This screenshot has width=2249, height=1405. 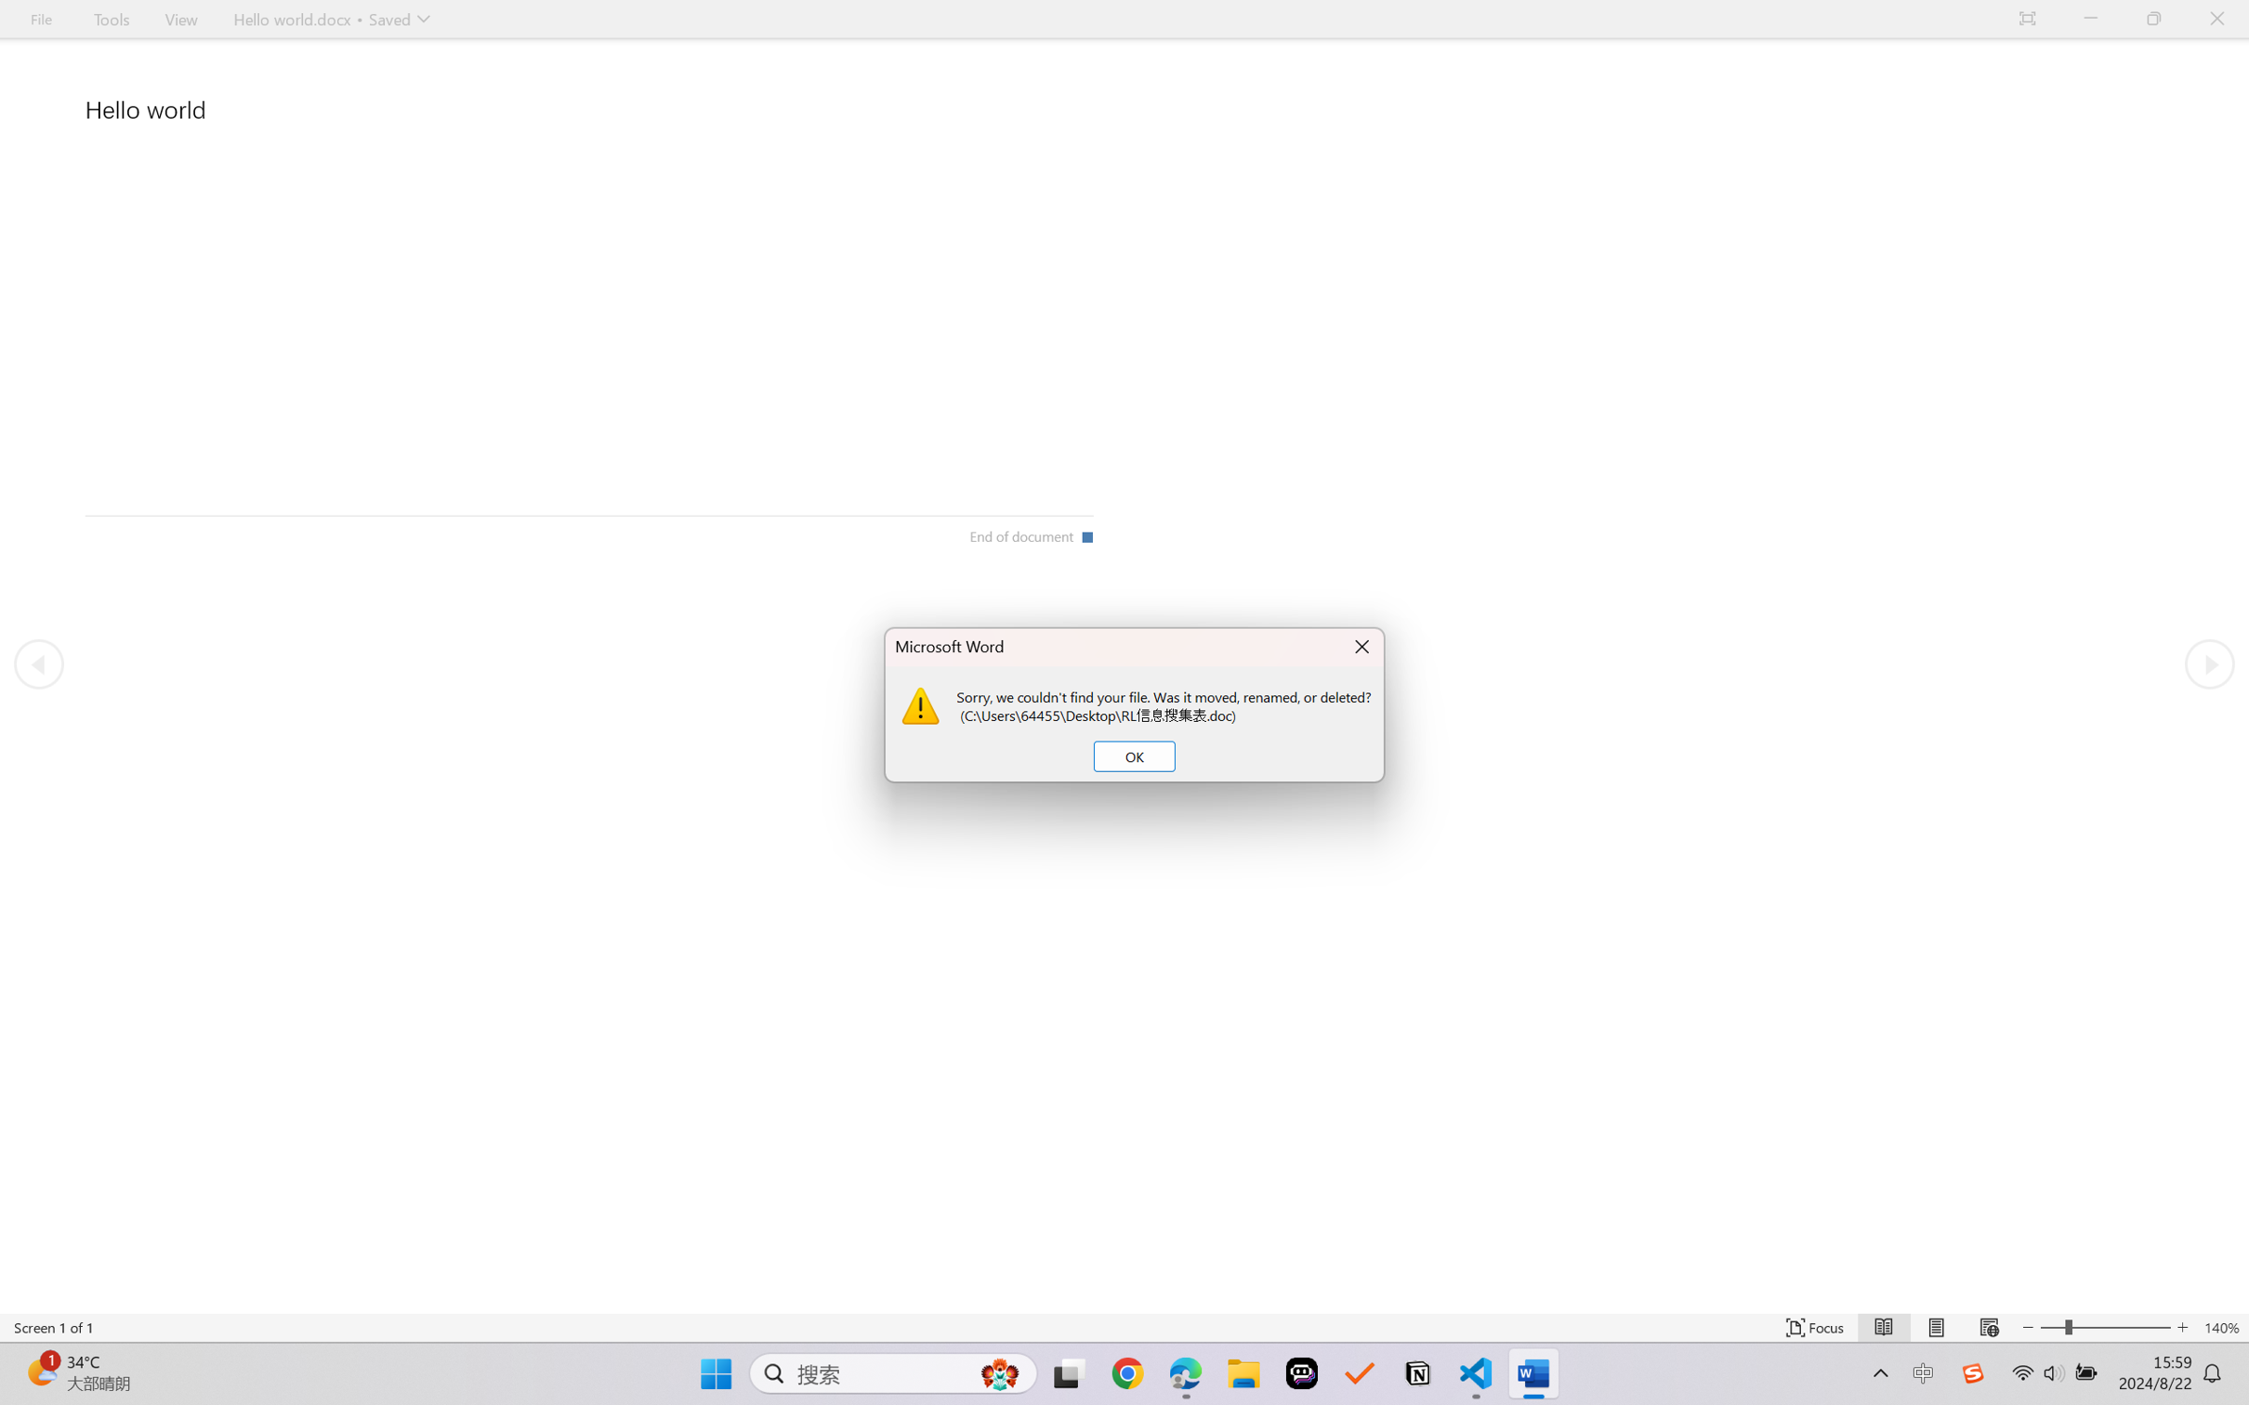 I want to click on 'Print Layout', so click(x=1936, y=1327).